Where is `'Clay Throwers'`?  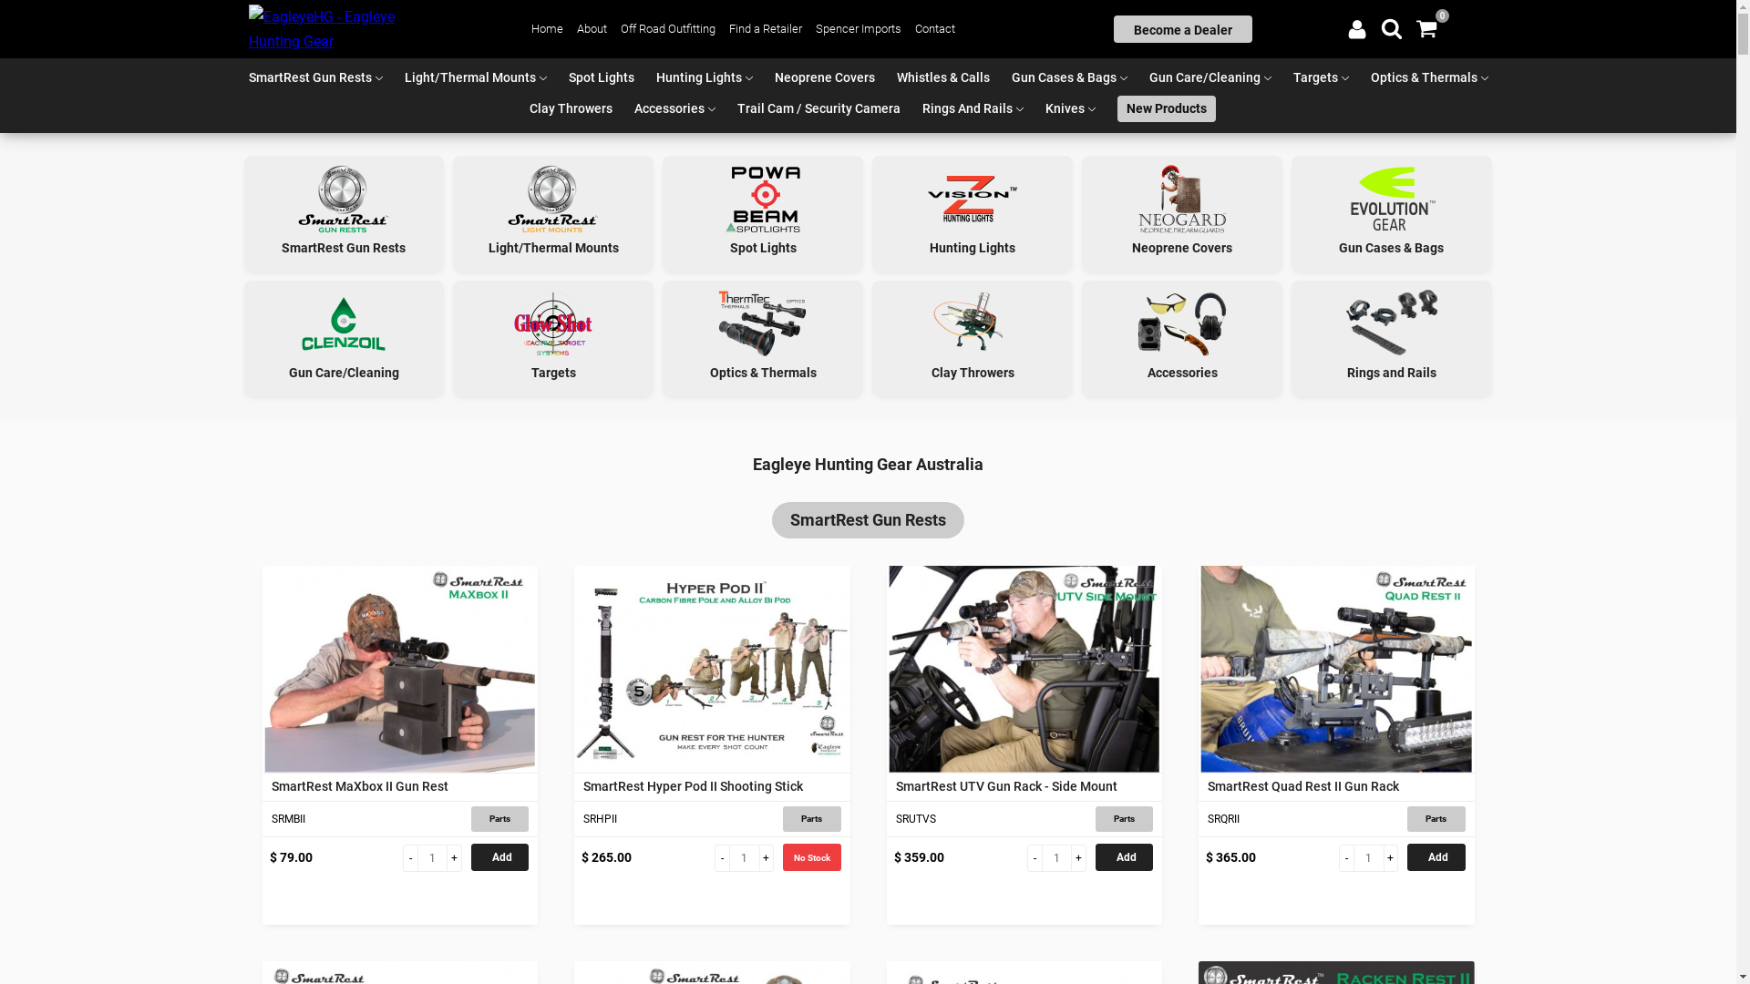 'Clay Throwers' is located at coordinates (570, 108).